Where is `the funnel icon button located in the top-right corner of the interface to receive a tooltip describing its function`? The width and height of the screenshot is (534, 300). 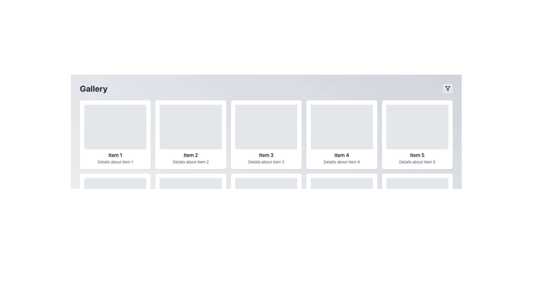 the funnel icon button located in the top-right corner of the interface to receive a tooltip describing its function is located at coordinates (448, 88).